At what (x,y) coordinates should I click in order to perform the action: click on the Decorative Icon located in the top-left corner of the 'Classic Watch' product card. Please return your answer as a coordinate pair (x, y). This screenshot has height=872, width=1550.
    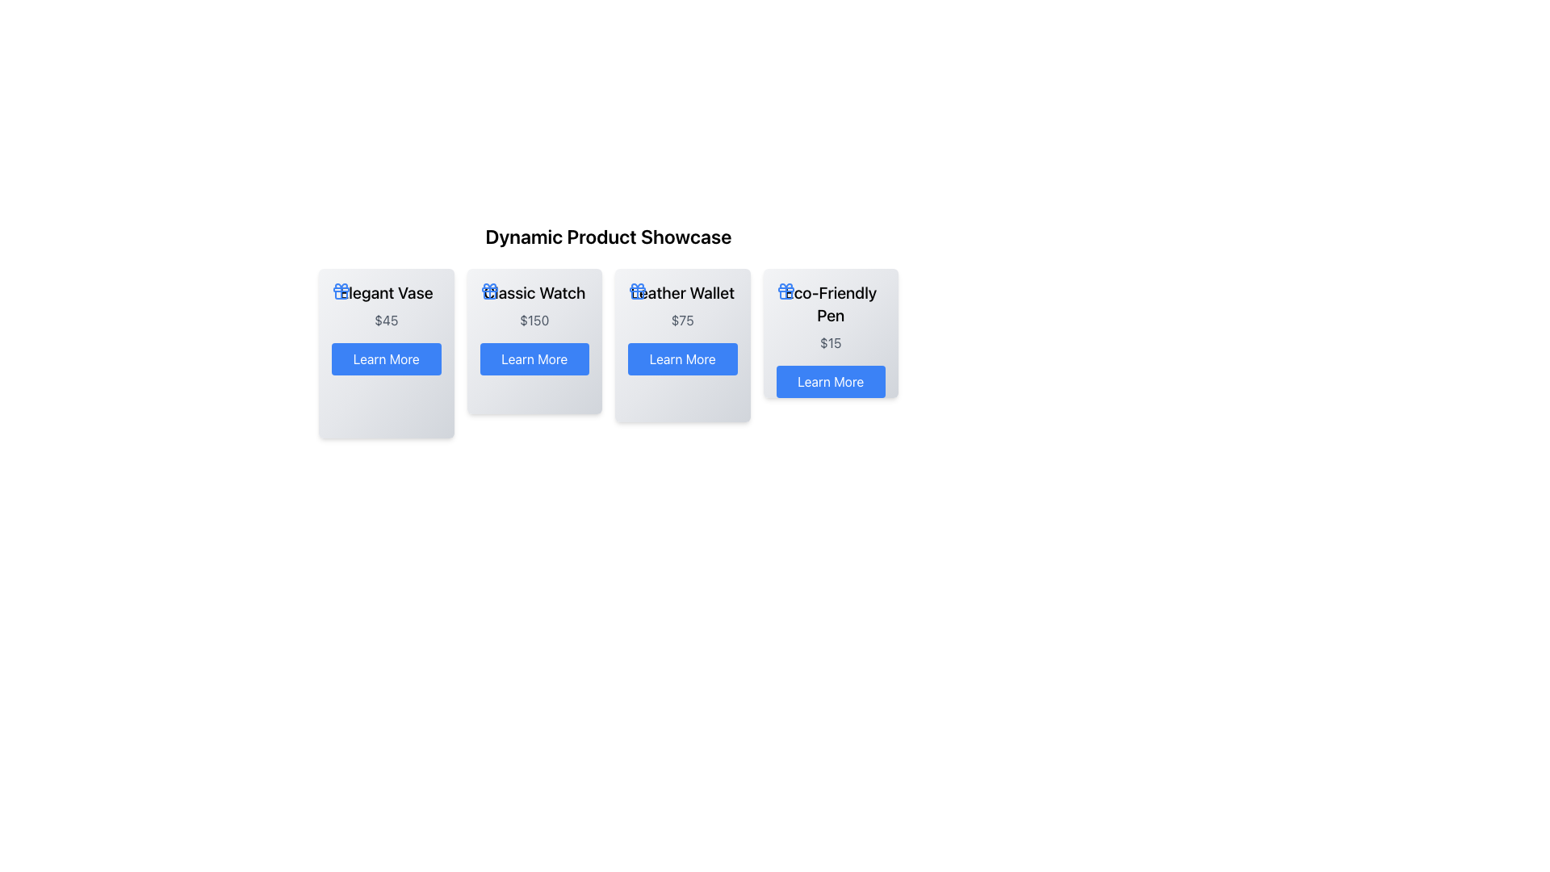
    Looking at the image, I should click on (488, 291).